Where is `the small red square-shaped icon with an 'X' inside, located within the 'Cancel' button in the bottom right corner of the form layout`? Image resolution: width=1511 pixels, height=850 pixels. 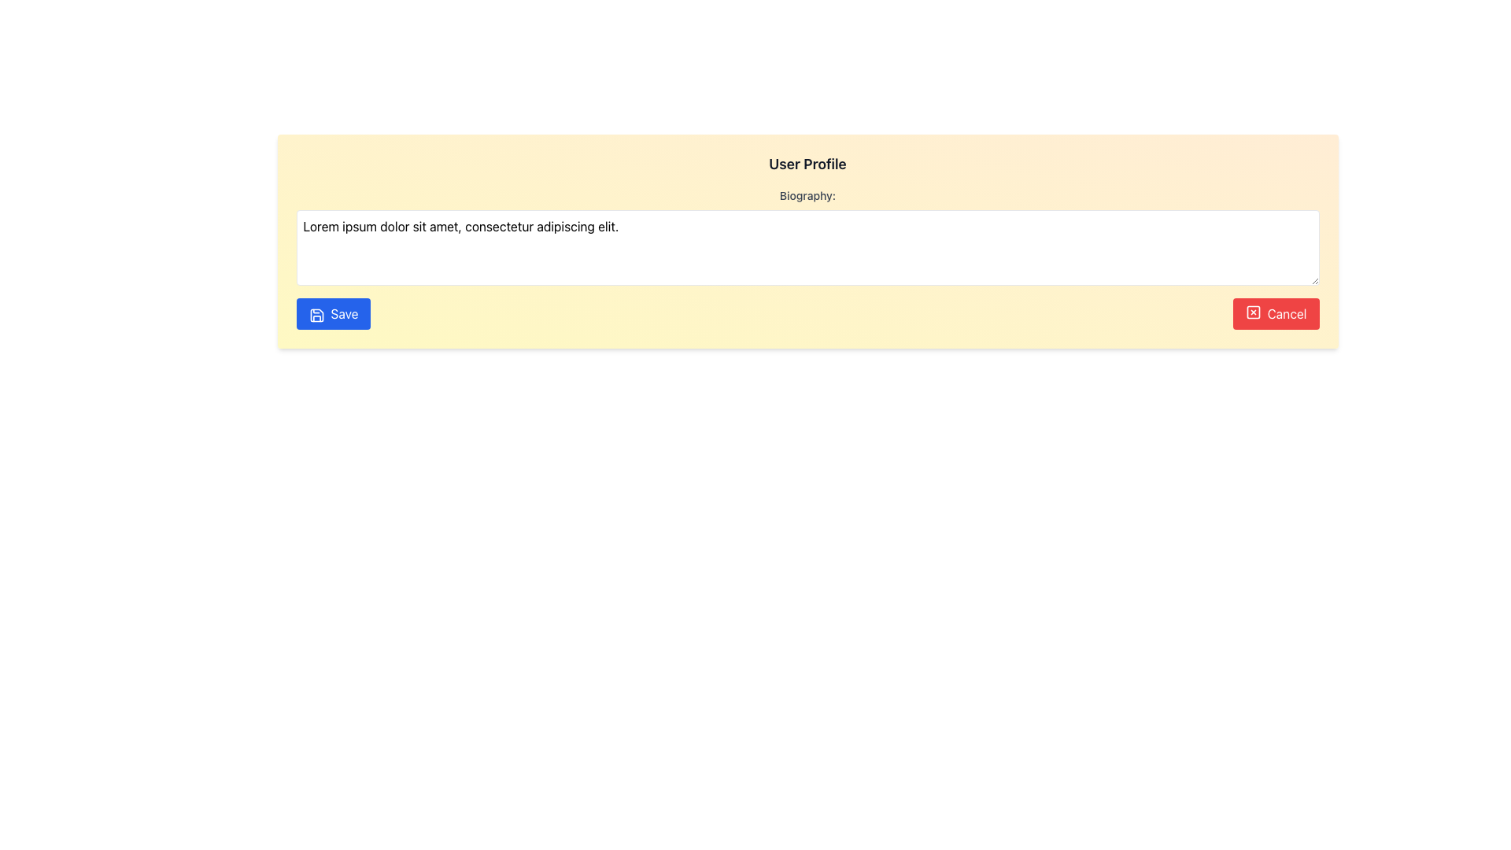 the small red square-shaped icon with an 'X' inside, located within the 'Cancel' button in the bottom right corner of the form layout is located at coordinates (1252, 312).